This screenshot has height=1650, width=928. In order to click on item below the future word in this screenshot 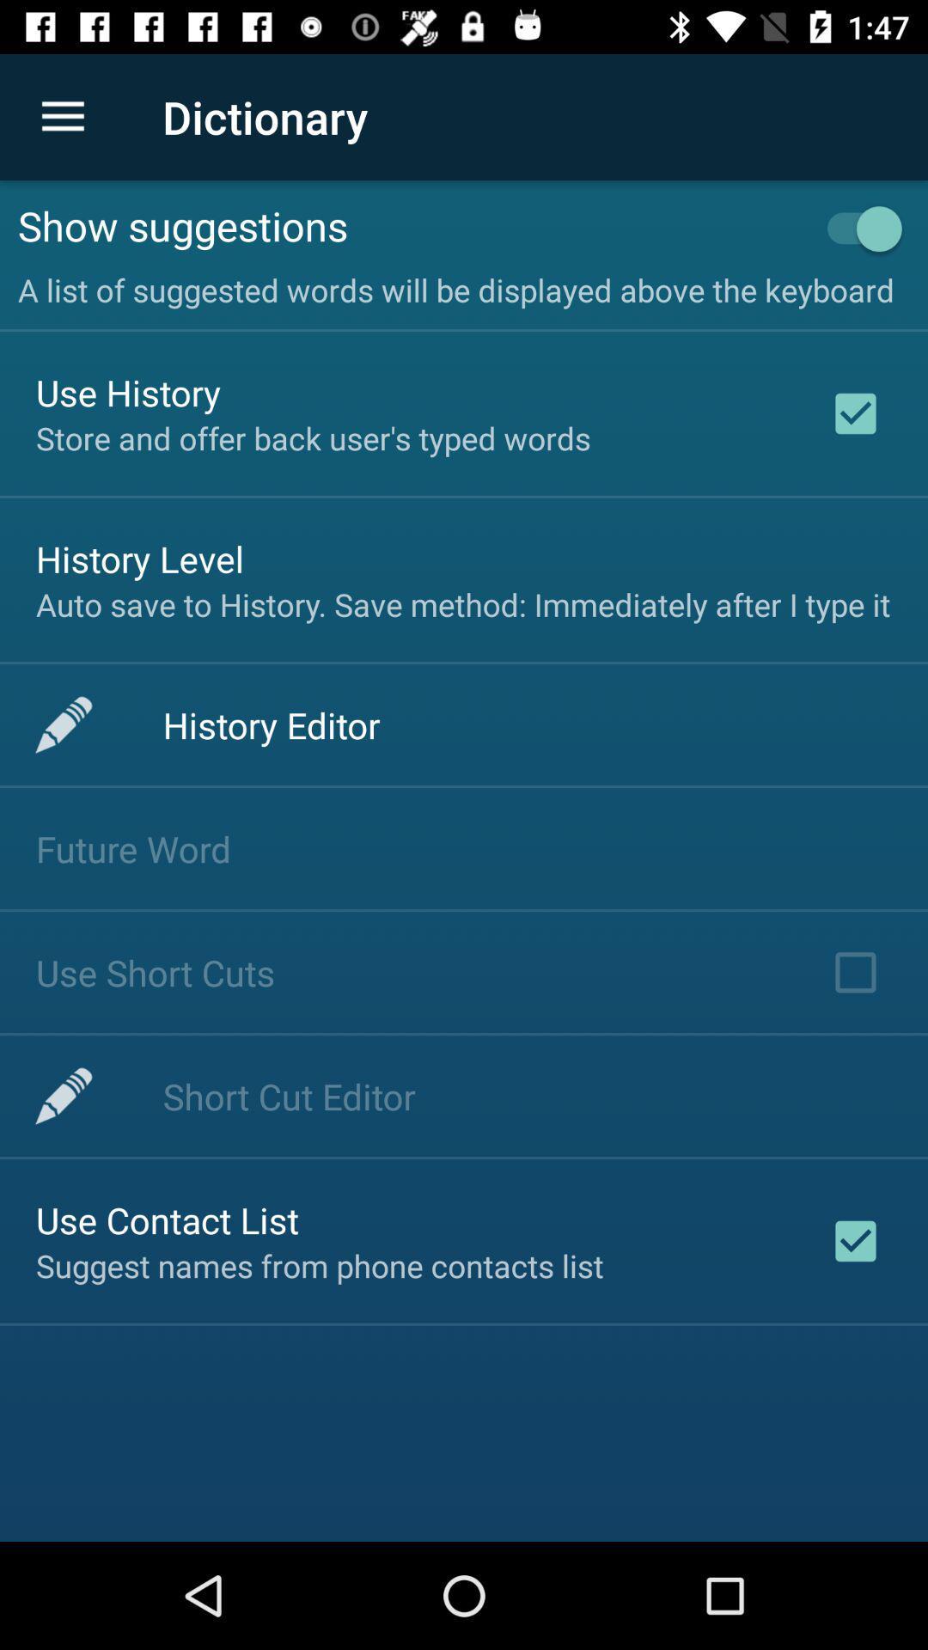, I will do `click(156, 972)`.